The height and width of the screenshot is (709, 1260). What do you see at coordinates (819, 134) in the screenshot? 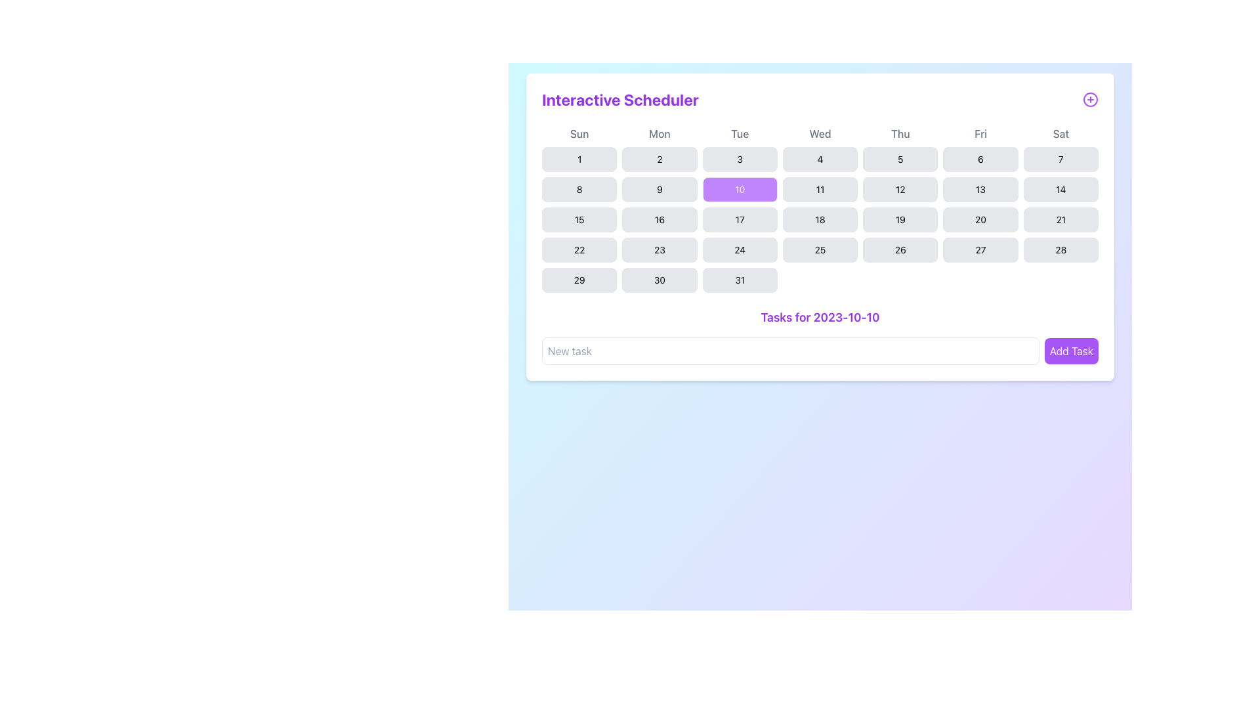
I see `the label representing 'Wed' which indicates the Wednesday column in the calendar interface` at bounding box center [819, 134].